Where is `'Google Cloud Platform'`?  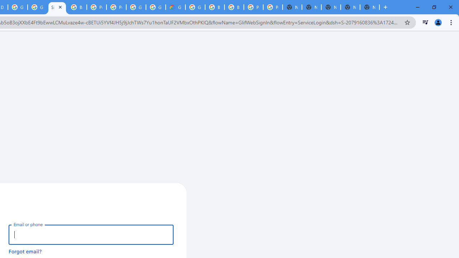 'Google Cloud Platform' is located at coordinates (195, 7).